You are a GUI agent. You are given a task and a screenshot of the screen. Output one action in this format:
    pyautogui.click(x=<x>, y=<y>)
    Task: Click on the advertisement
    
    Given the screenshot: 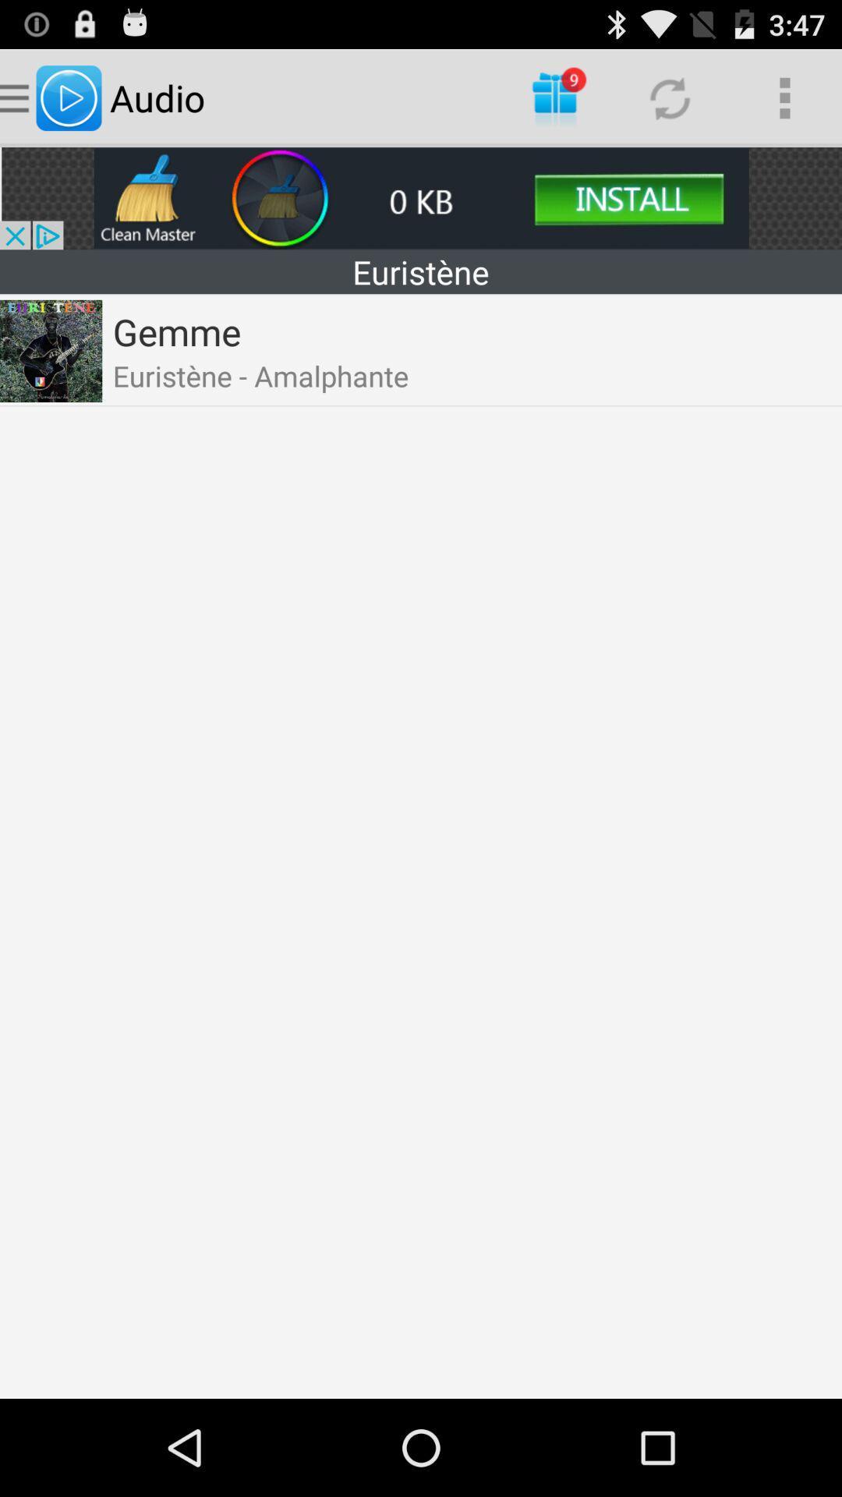 What is the action you would take?
    pyautogui.click(x=421, y=197)
    